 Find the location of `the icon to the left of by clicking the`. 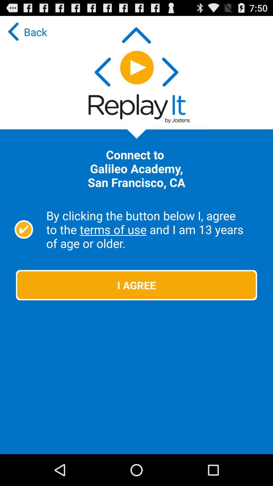

the icon to the left of by clicking the is located at coordinates (24, 229).